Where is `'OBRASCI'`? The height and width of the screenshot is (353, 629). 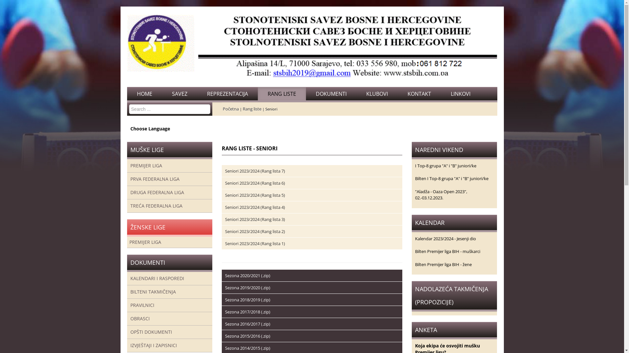 'OBRASCI' is located at coordinates (127, 318).